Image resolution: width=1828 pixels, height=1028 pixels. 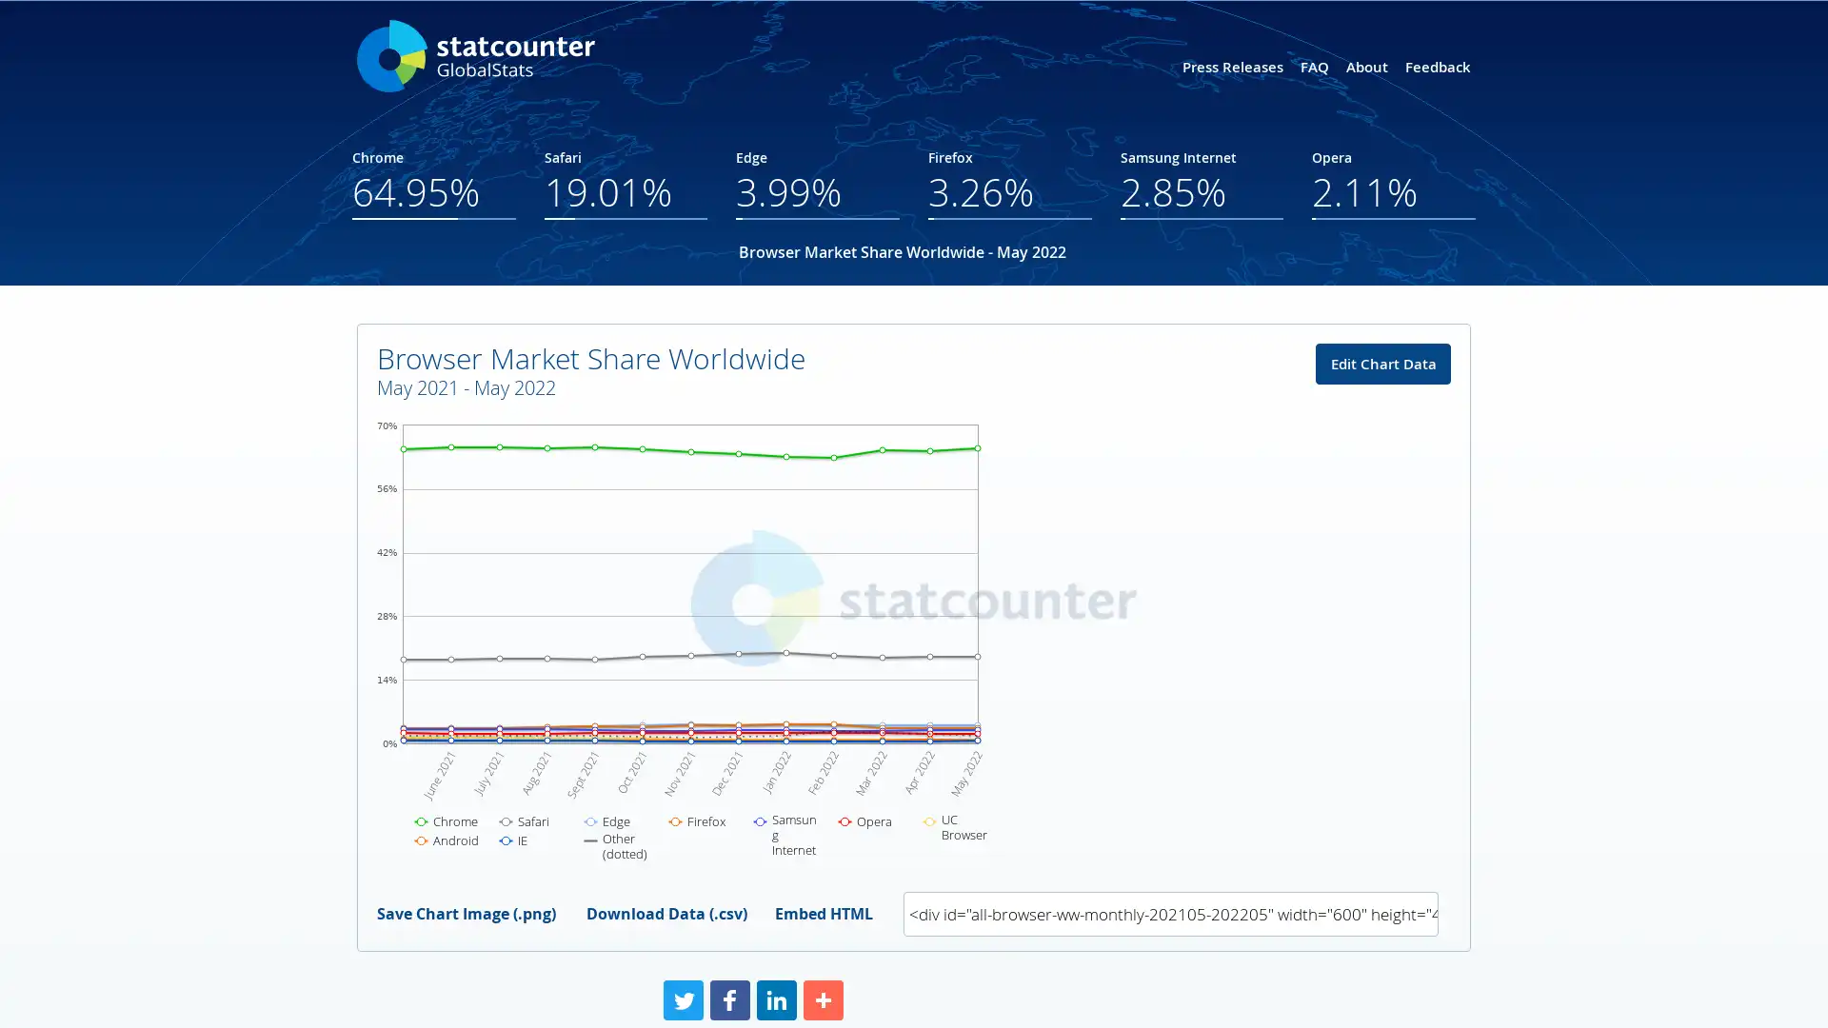 What do you see at coordinates (925, 998) in the screenshot?
I see `Share to LinkedIn LinkedIn` at bounding box center [925, 998].